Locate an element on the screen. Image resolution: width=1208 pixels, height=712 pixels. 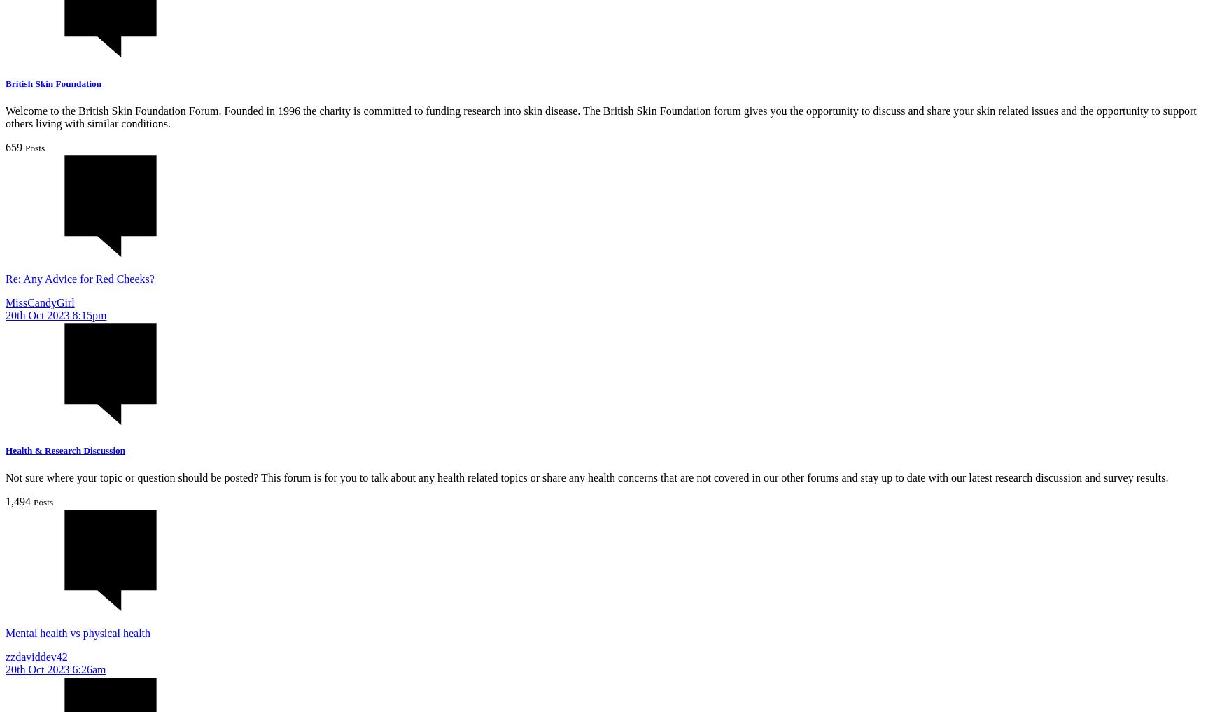
'1,494' is located at coordinates (18, 501).